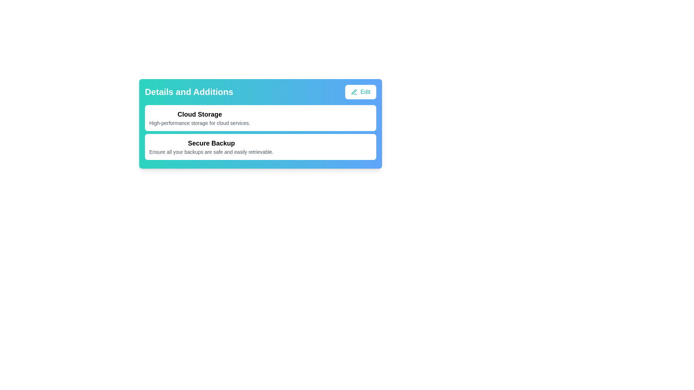 Image resolution: width=694 pixels, height=390 pixels. I want to click on decorative icon located in the top-right corner of the 'Details and Additions' card, positioned to the left of the 'Edit' text label, so click(354, 91).